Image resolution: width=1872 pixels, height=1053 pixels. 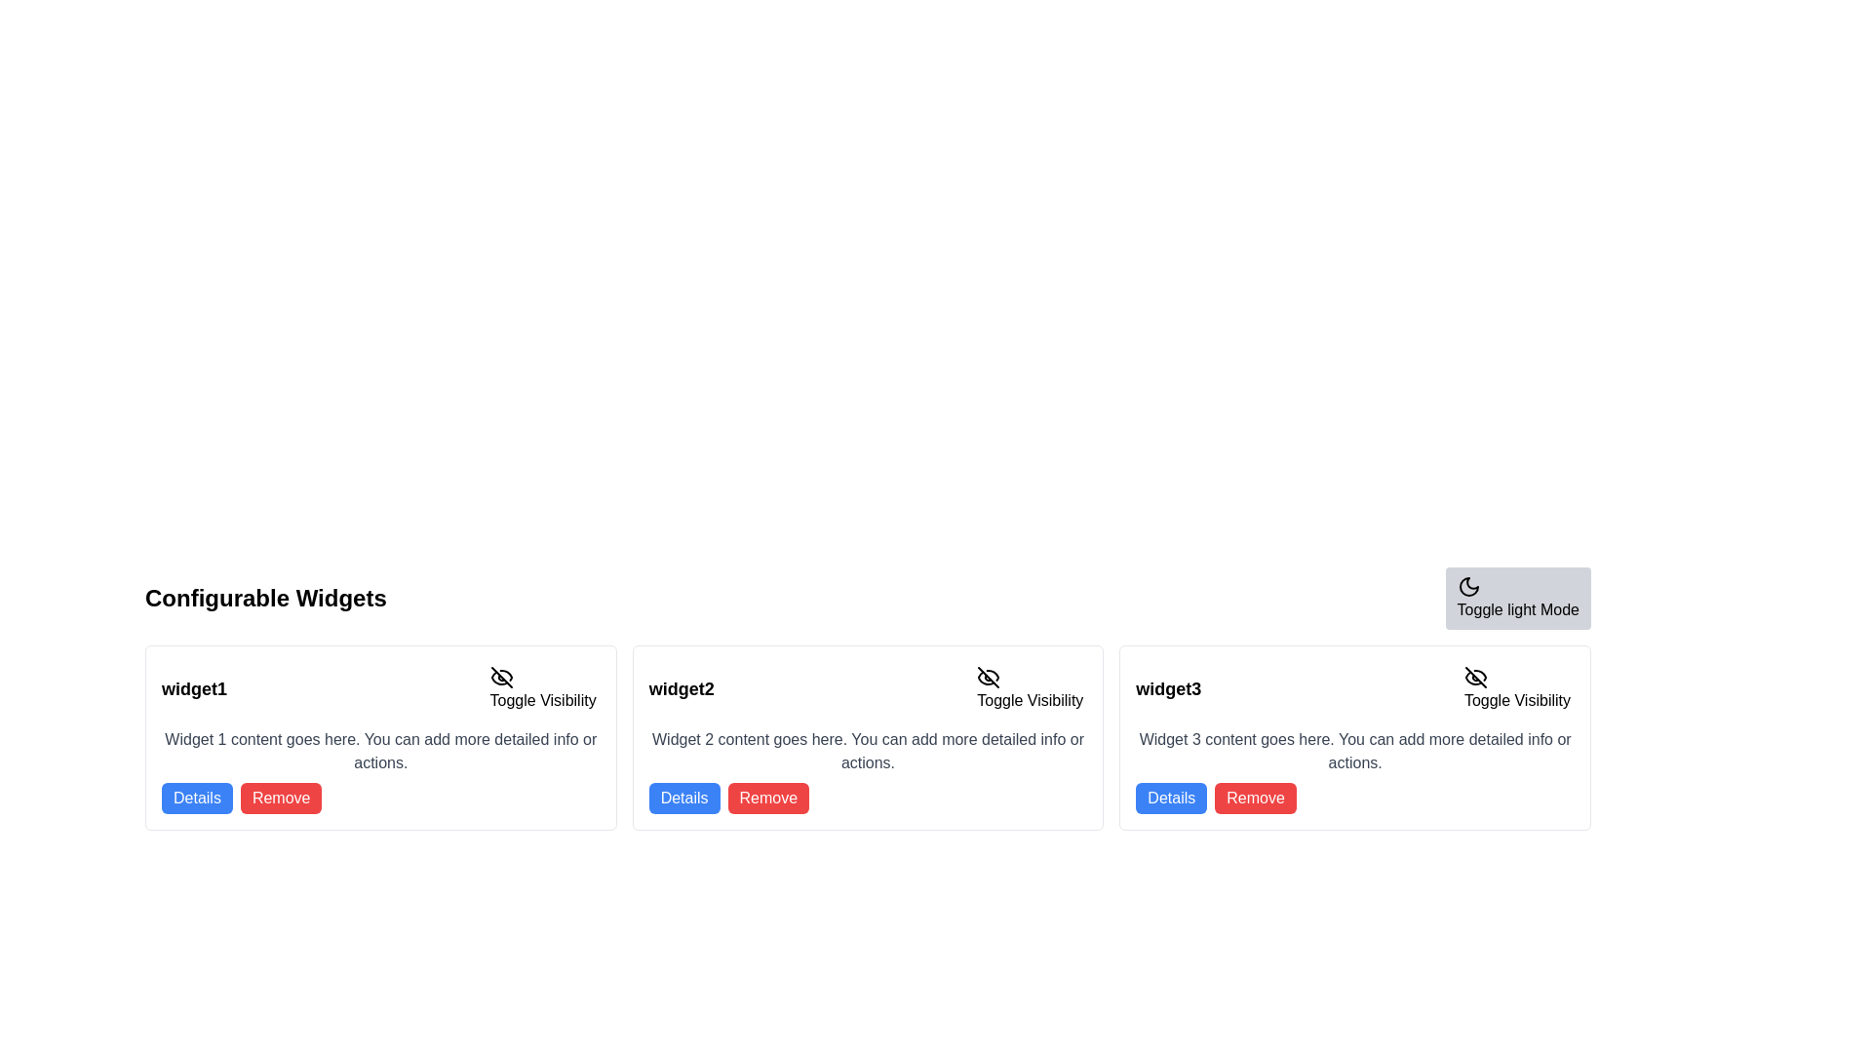 I want to click on the 'Remove' button, so click(x=280, y=798).